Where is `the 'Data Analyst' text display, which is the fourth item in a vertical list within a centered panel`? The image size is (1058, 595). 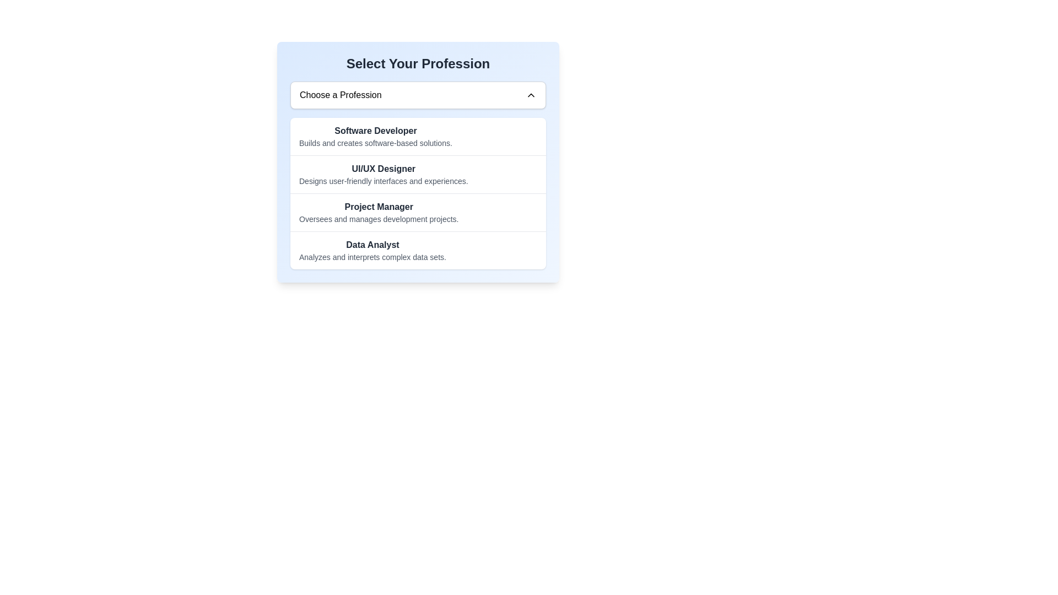 the 'Data Analyst' text display, which is the fourth item in a vertical list within a centered panel is located at coordinates (373, 251).